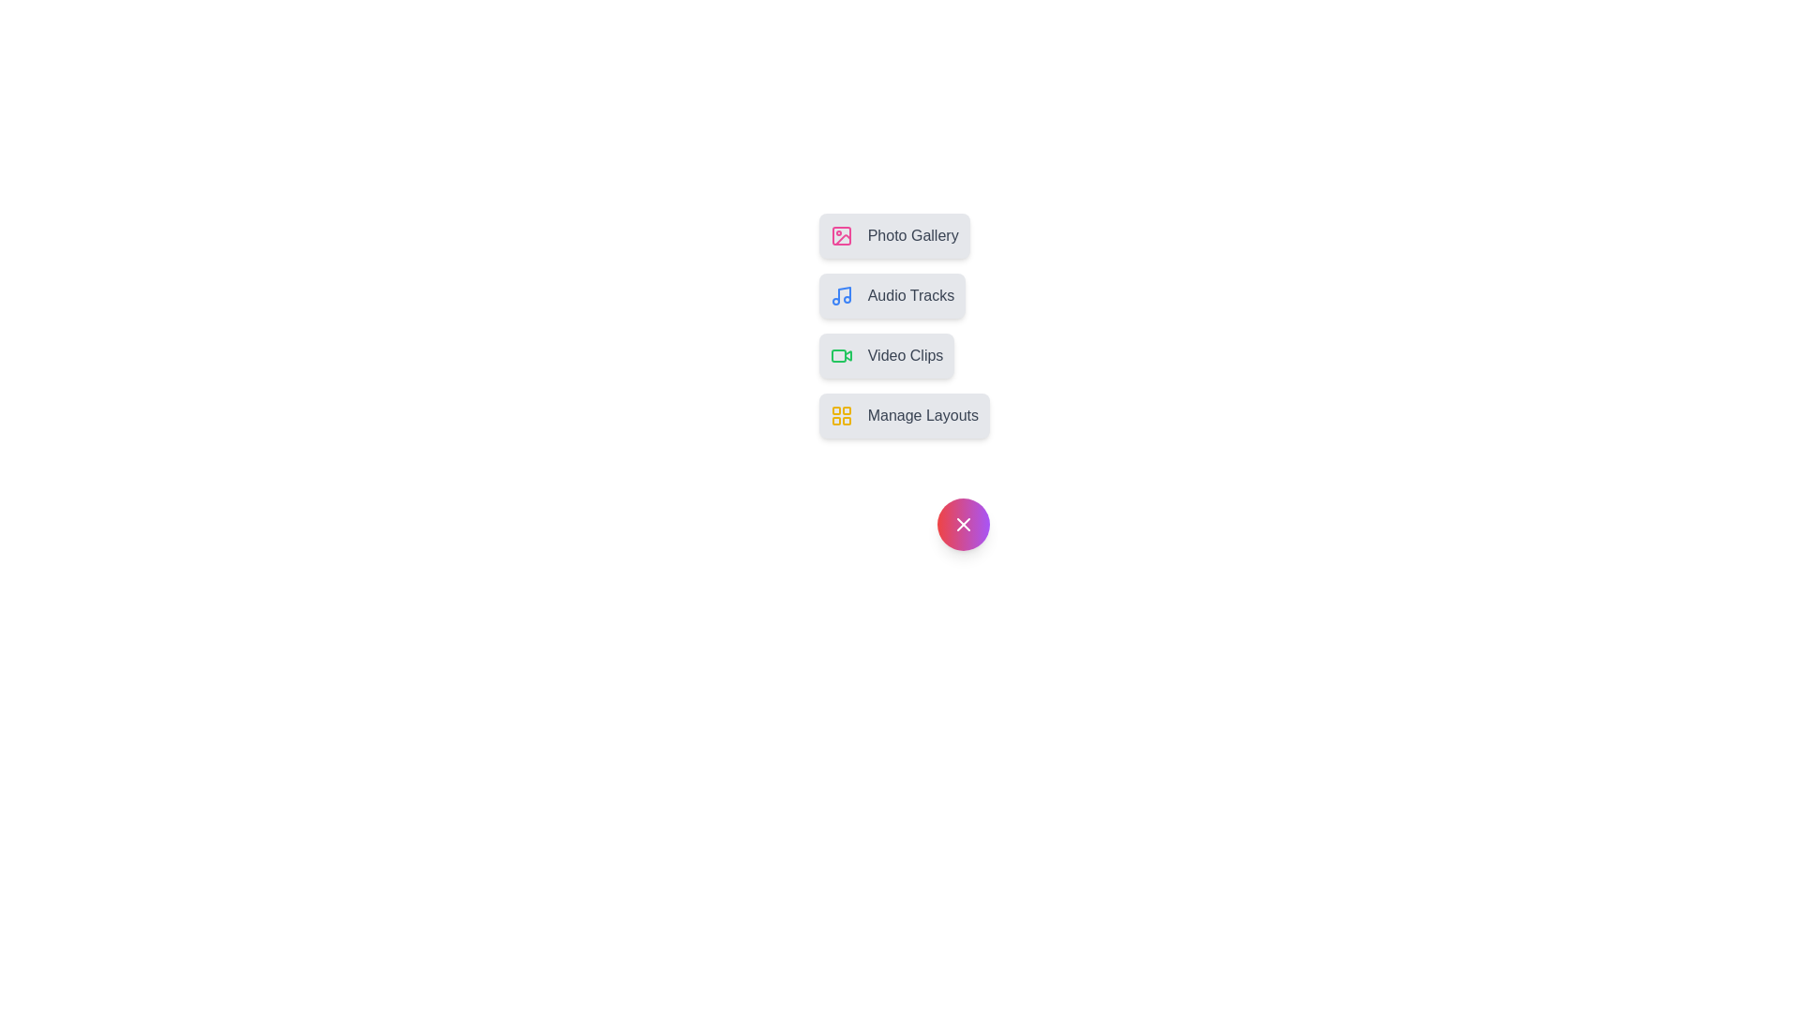 The width and height of the screenshot is (1800, 1012). I want to click on the third button in the vertical list that navigates to the video clips section, located between 'Audio Tracks' and 'Manage Layouts', to potentially display additional information or styles, so click(885, 356).